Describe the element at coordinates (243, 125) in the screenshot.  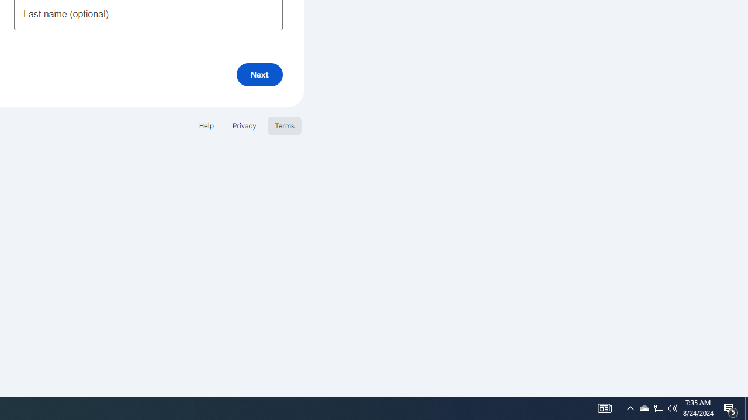
I see `'Privacy'` at that location.